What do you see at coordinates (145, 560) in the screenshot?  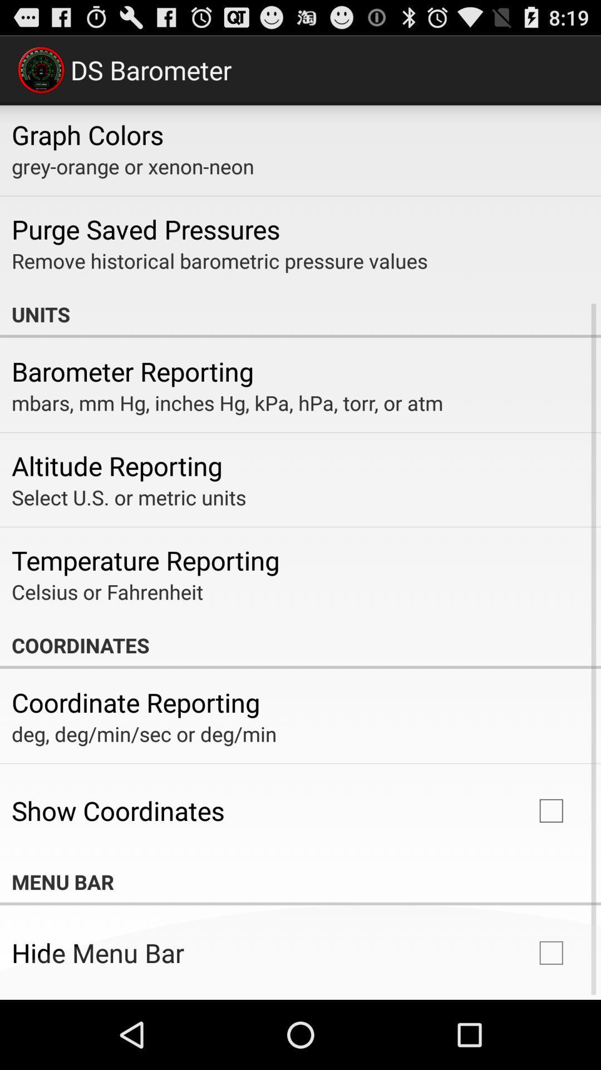 I see `the temperature reporting item` at bounding box center [145, 560].